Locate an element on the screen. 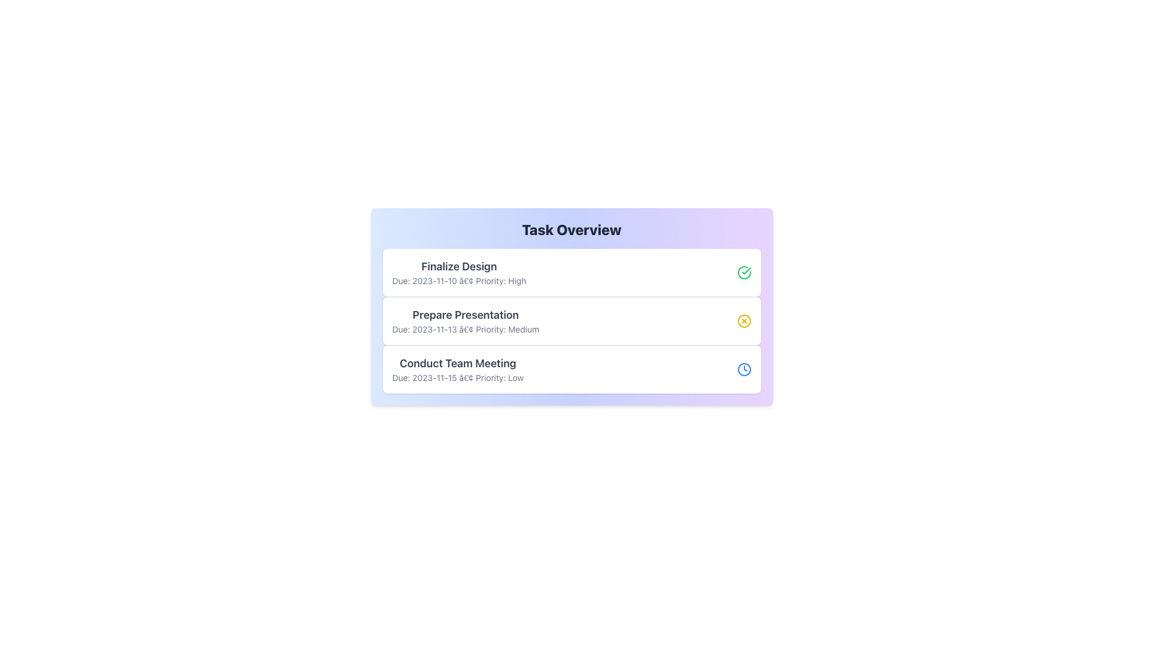 The height and width of the screenshot is (646, 1149). the task summary text element located in the first task row of the task list is located at coordinates (458, 272).